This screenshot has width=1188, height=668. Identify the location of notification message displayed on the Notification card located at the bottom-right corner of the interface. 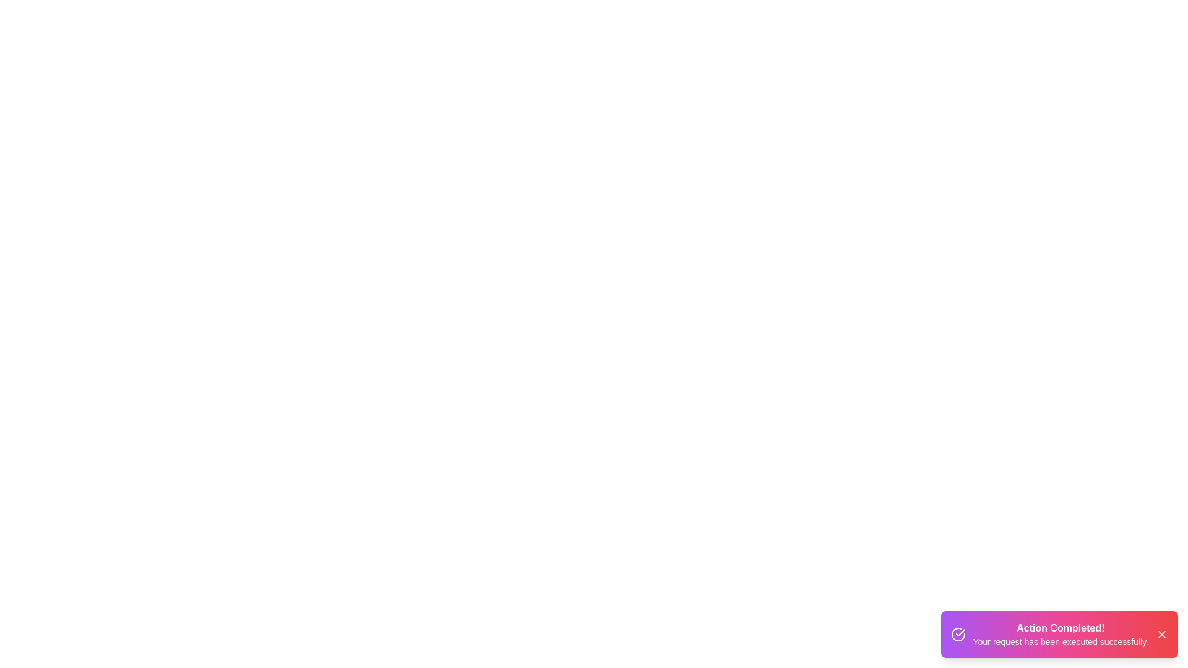
(1059, 635).